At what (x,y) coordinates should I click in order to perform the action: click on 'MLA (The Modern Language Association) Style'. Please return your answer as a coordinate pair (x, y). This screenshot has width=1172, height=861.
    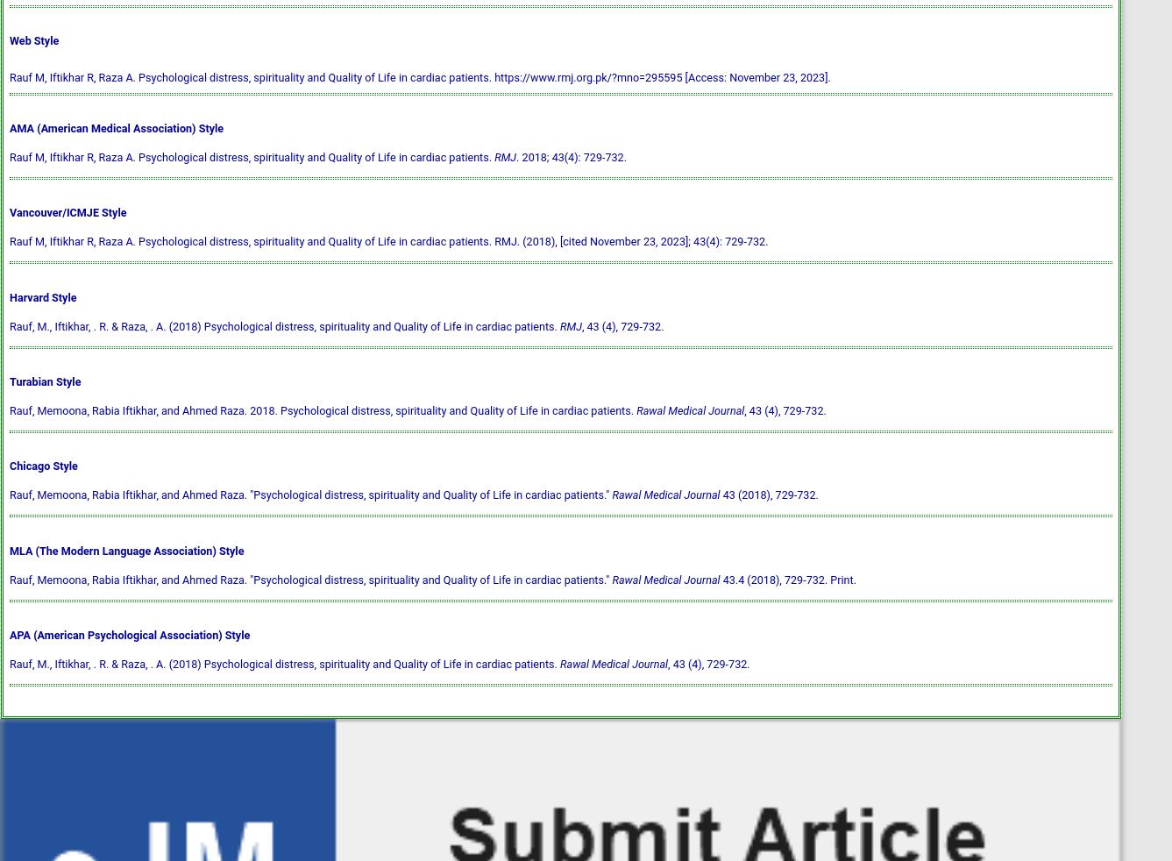
    Looking at the image, I should click on (125, 549).